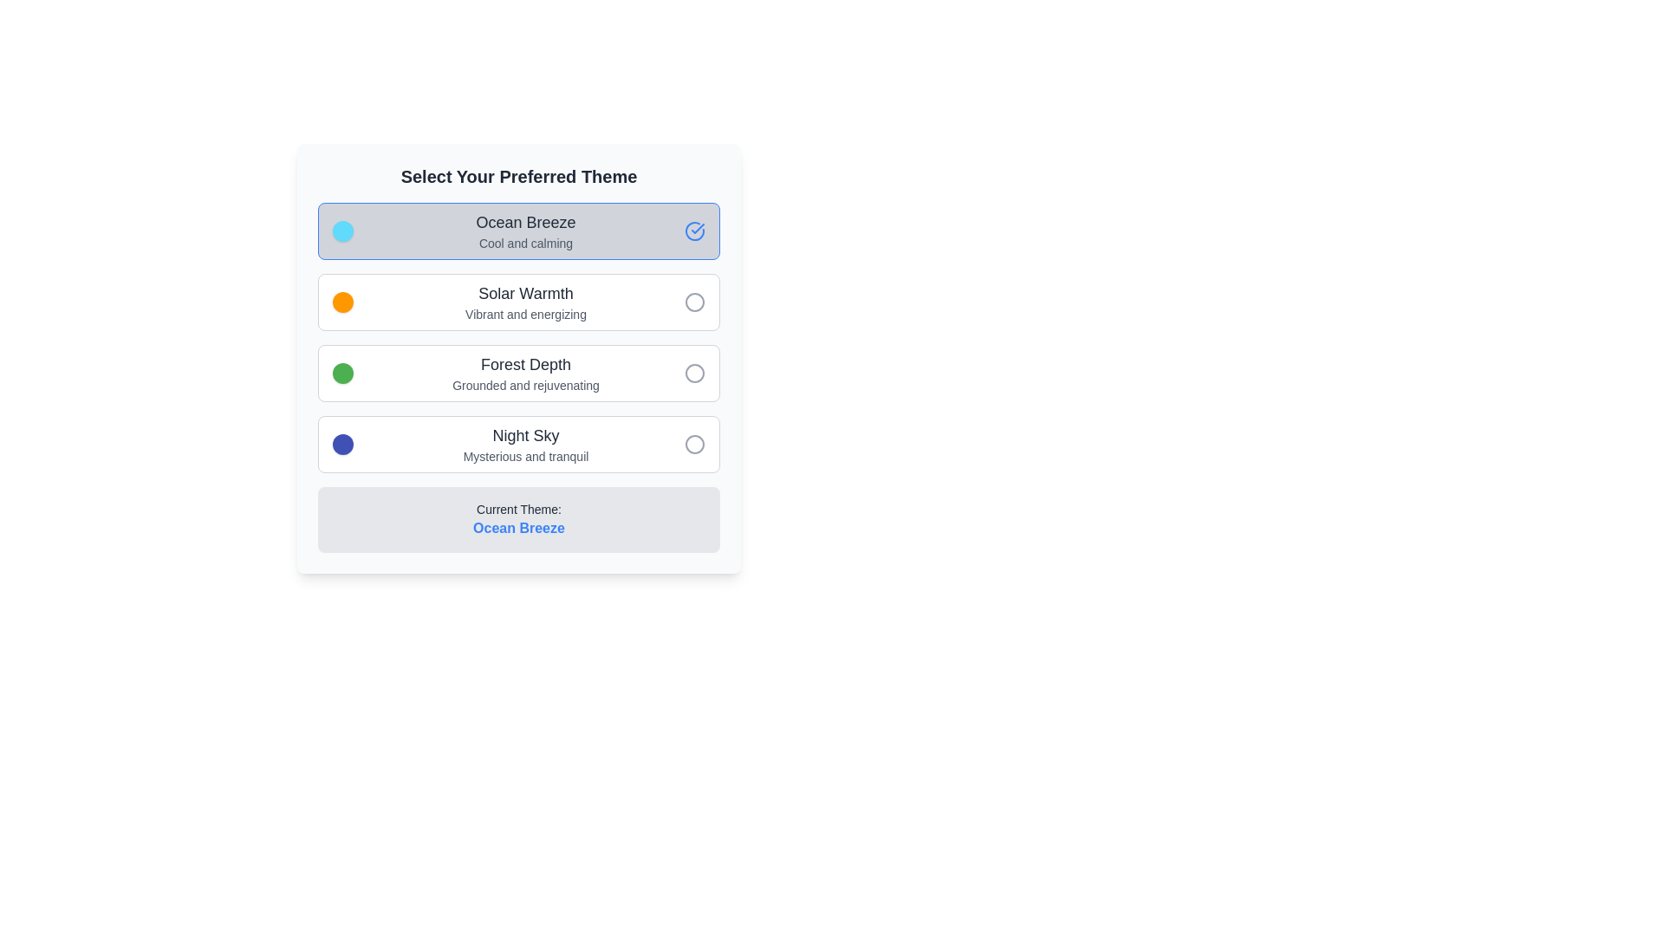  What do you see at coordinates (524, 301) in the screenshot?
I see `the 'Solar Warmth' text label, which is the second clickable list item in the theme selection component, located just below the 'Ocean Breeze' option` at bounding box center [524, 301].